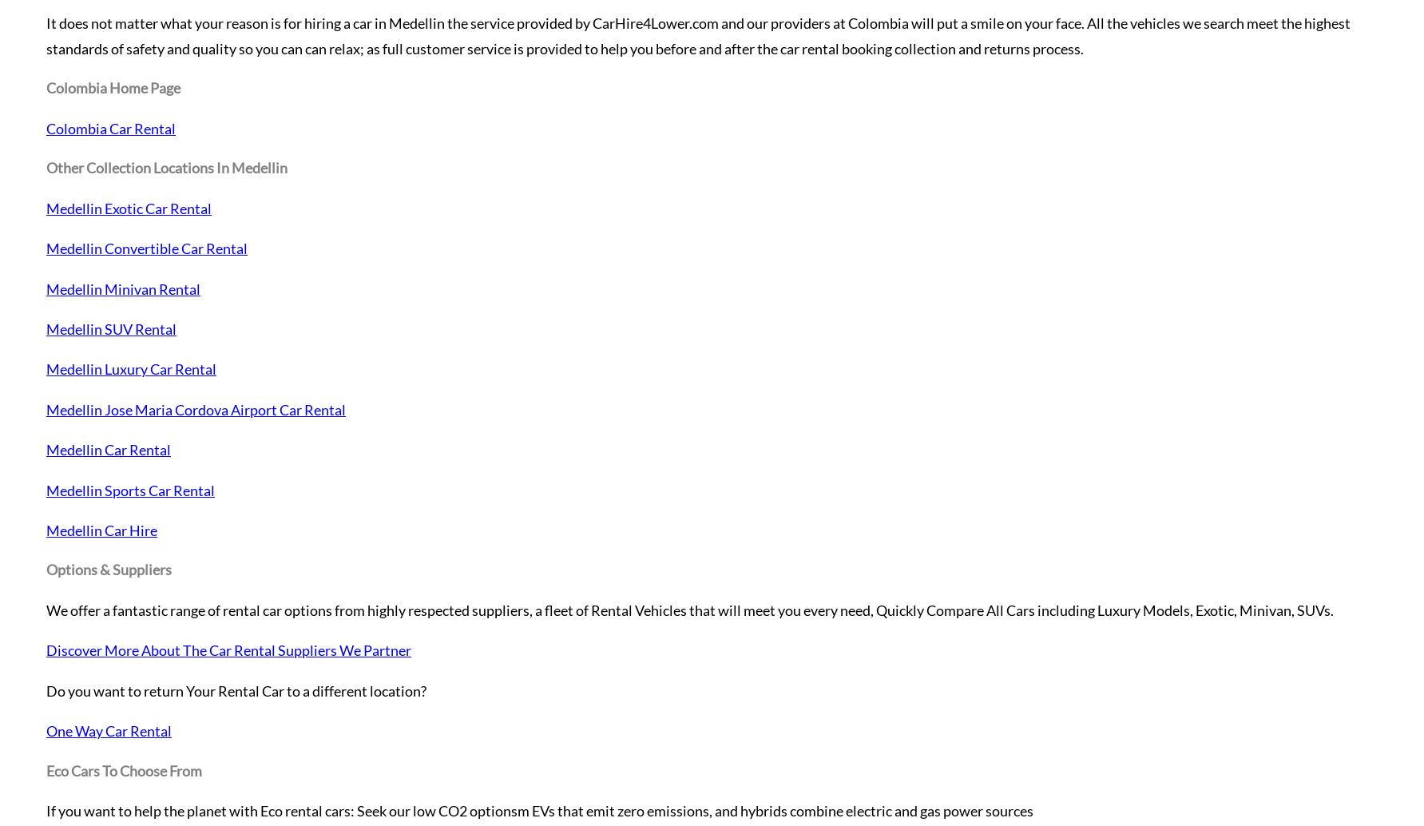  I want to click on 'Medellin Car Hire', so click(101, 530).